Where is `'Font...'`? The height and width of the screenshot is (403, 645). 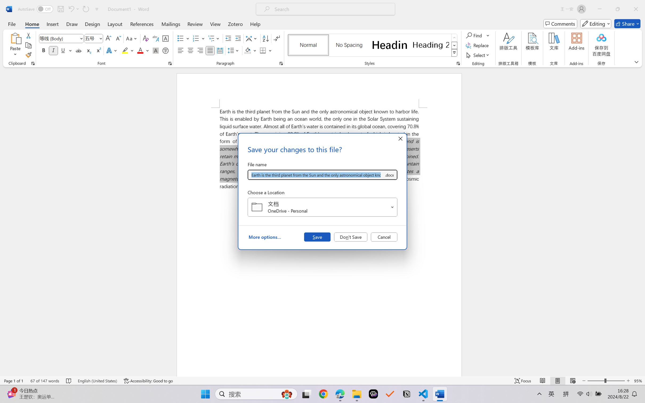
'Font...' is located at coordinates (170, 63).